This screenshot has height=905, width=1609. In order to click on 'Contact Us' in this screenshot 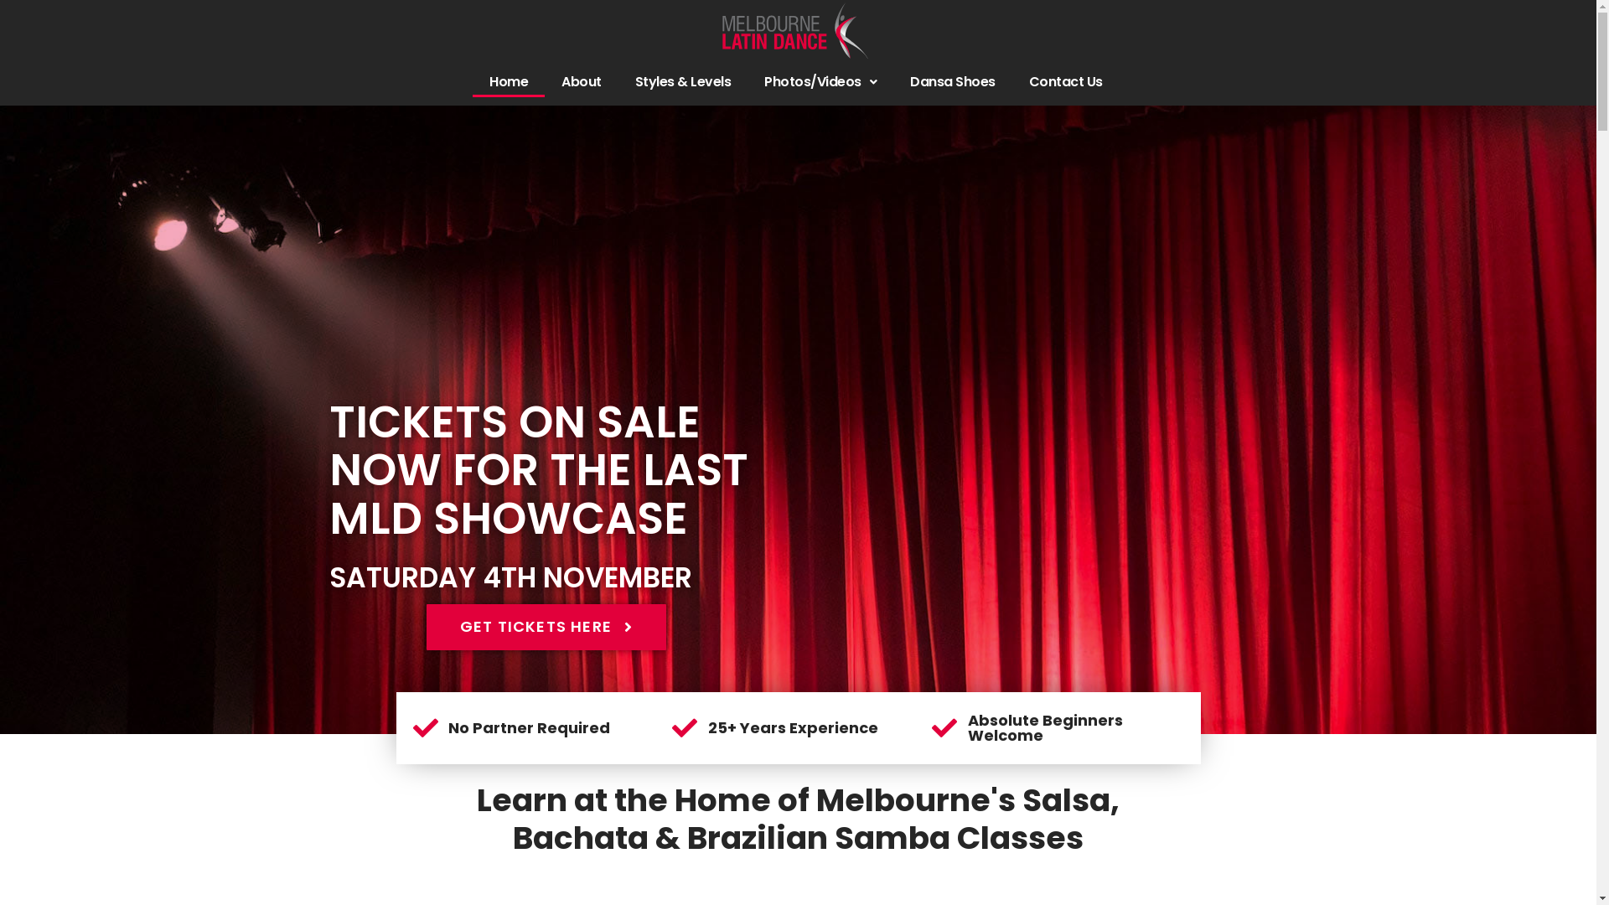, I will do `click(1065, 81)`.